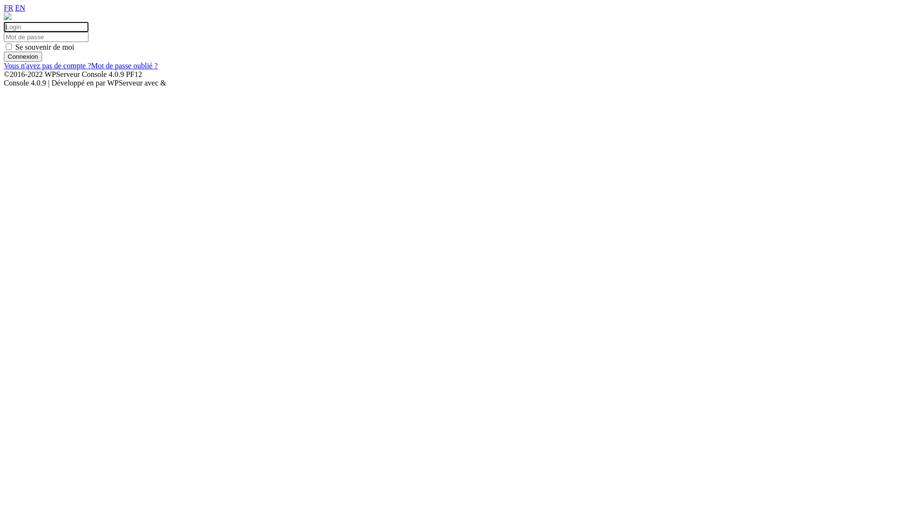  Describe the element at coordinates (47, 65) in the screenshot. I see `'Vous n'avez pas de compte ?'` at that location.